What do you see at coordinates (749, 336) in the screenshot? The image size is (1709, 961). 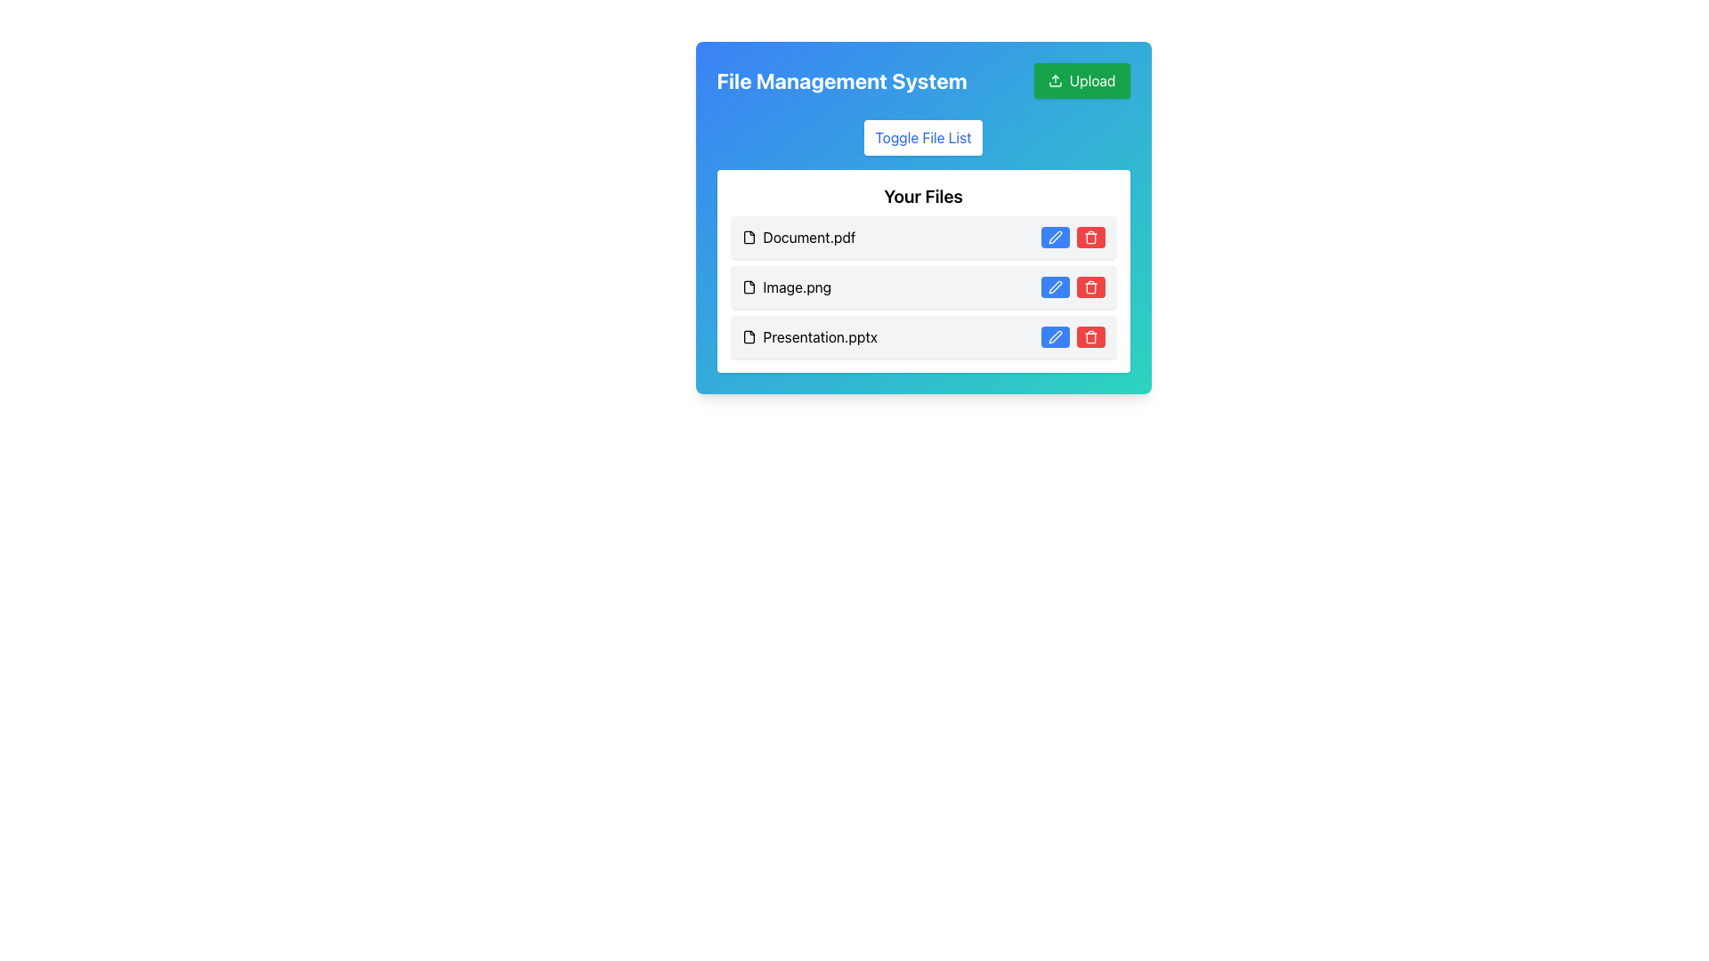 I see `the file document icon, which is a minimalistic outline styled to resemble a sheet of paper with a folded corner, located to the left of the text label 'Presentation.pptx' in the 'Your Files' section` at bounding box center [749, 336].